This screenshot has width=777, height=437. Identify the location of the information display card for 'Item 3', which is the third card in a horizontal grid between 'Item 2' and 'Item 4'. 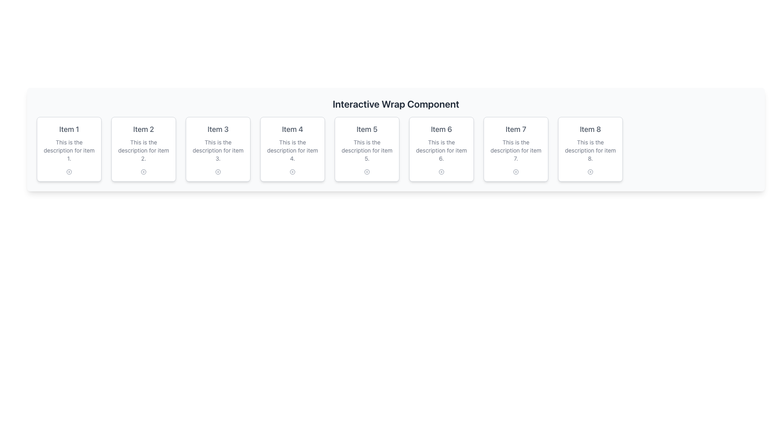
(218, 149).